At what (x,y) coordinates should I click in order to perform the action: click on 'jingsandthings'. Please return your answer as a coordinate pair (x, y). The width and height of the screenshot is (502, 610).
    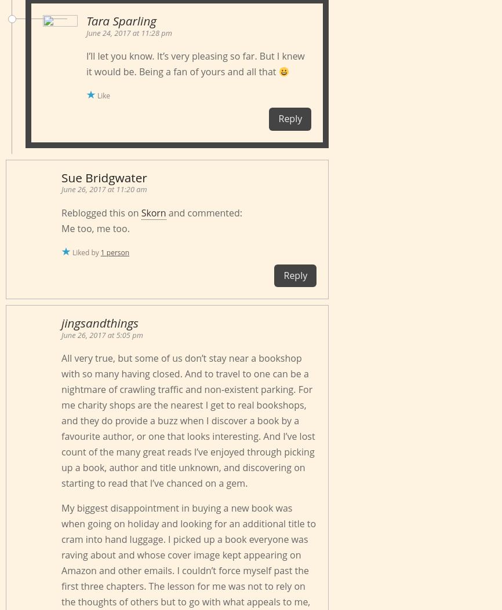
    Looking at the image, I should click on (100, 322).